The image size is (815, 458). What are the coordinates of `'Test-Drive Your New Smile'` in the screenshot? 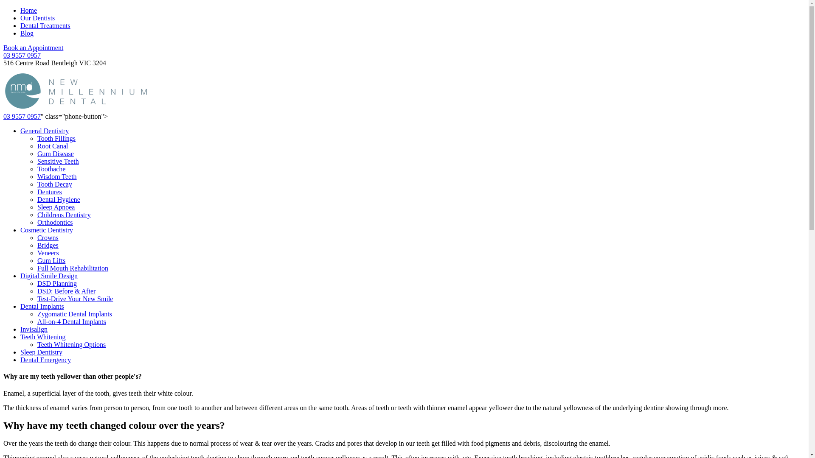 It's located at (75, 298).